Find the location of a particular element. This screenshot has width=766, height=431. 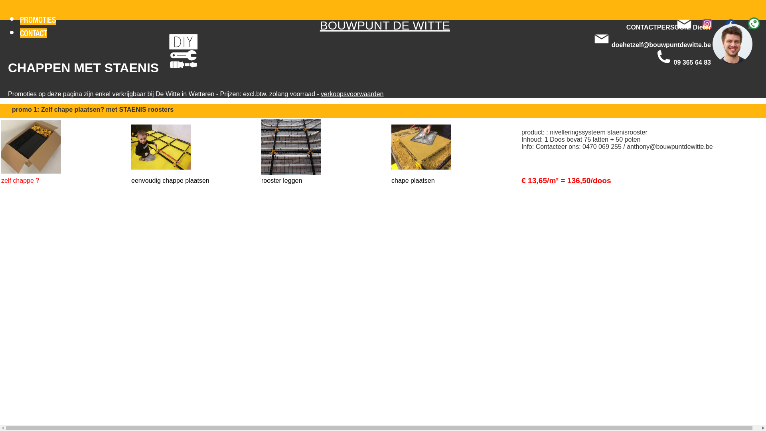

'PROMOTIES' is located at coordinates (20, 19).